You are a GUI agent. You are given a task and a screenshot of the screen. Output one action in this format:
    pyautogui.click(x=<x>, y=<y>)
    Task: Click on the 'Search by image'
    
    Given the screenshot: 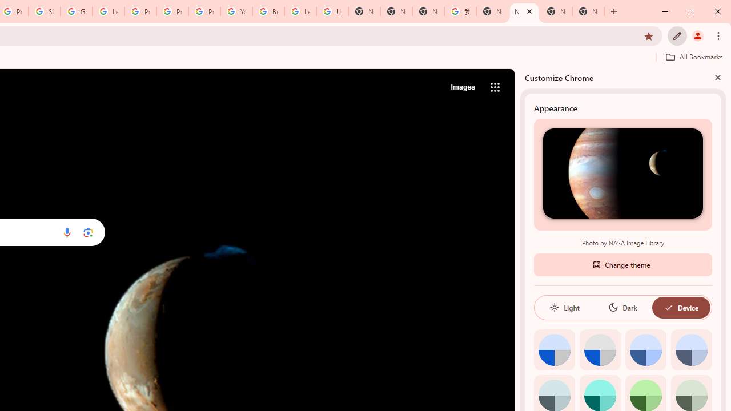 What is the action you would take?
    pyautogui.click(x=87, y=232)
    